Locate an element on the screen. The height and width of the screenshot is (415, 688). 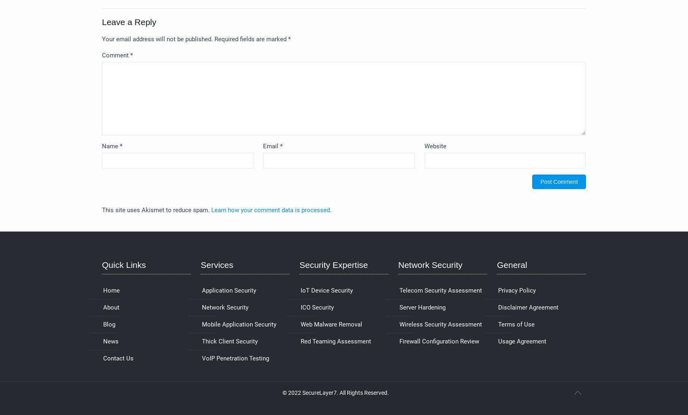
'Learn how your comment data is processed' is located at coordinates (211, 209).